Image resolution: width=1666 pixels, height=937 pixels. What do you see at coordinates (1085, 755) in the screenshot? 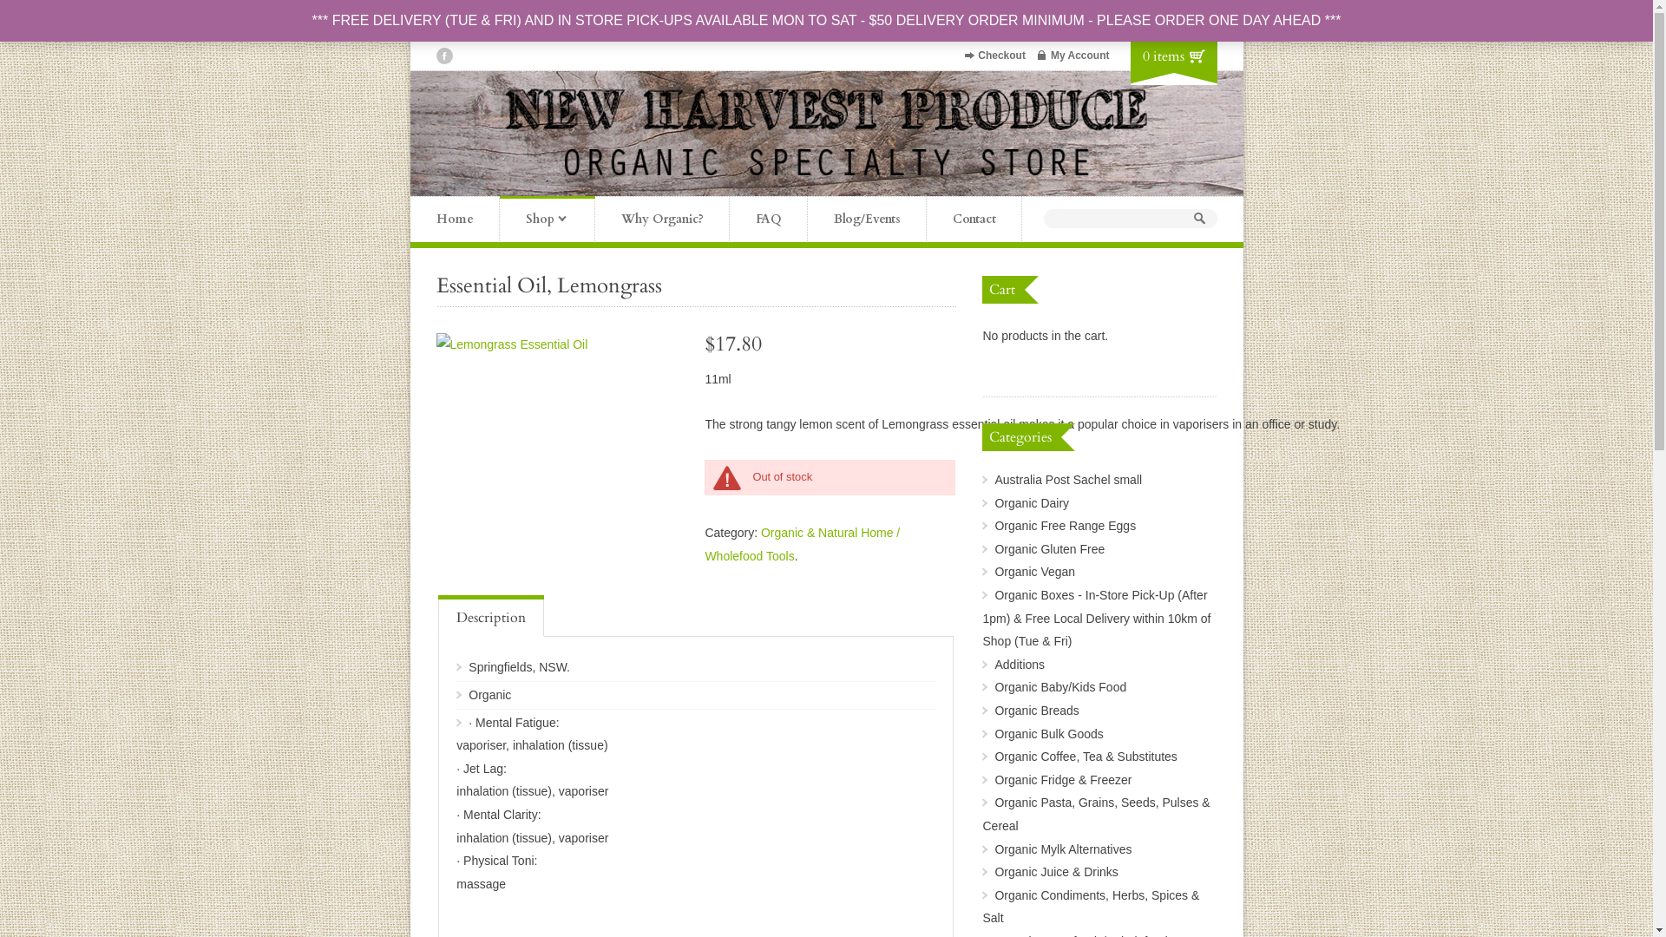
I see `'Organic Coffee, Tea & Substitutes'` at bounding box center [1085, 755].